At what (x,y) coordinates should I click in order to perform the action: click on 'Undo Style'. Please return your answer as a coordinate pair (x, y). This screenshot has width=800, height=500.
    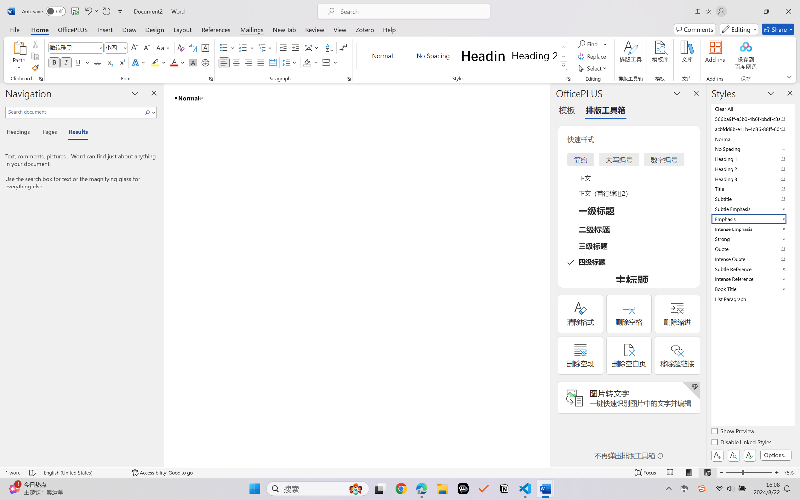
    Looking at the image, I should click on (91, 11).